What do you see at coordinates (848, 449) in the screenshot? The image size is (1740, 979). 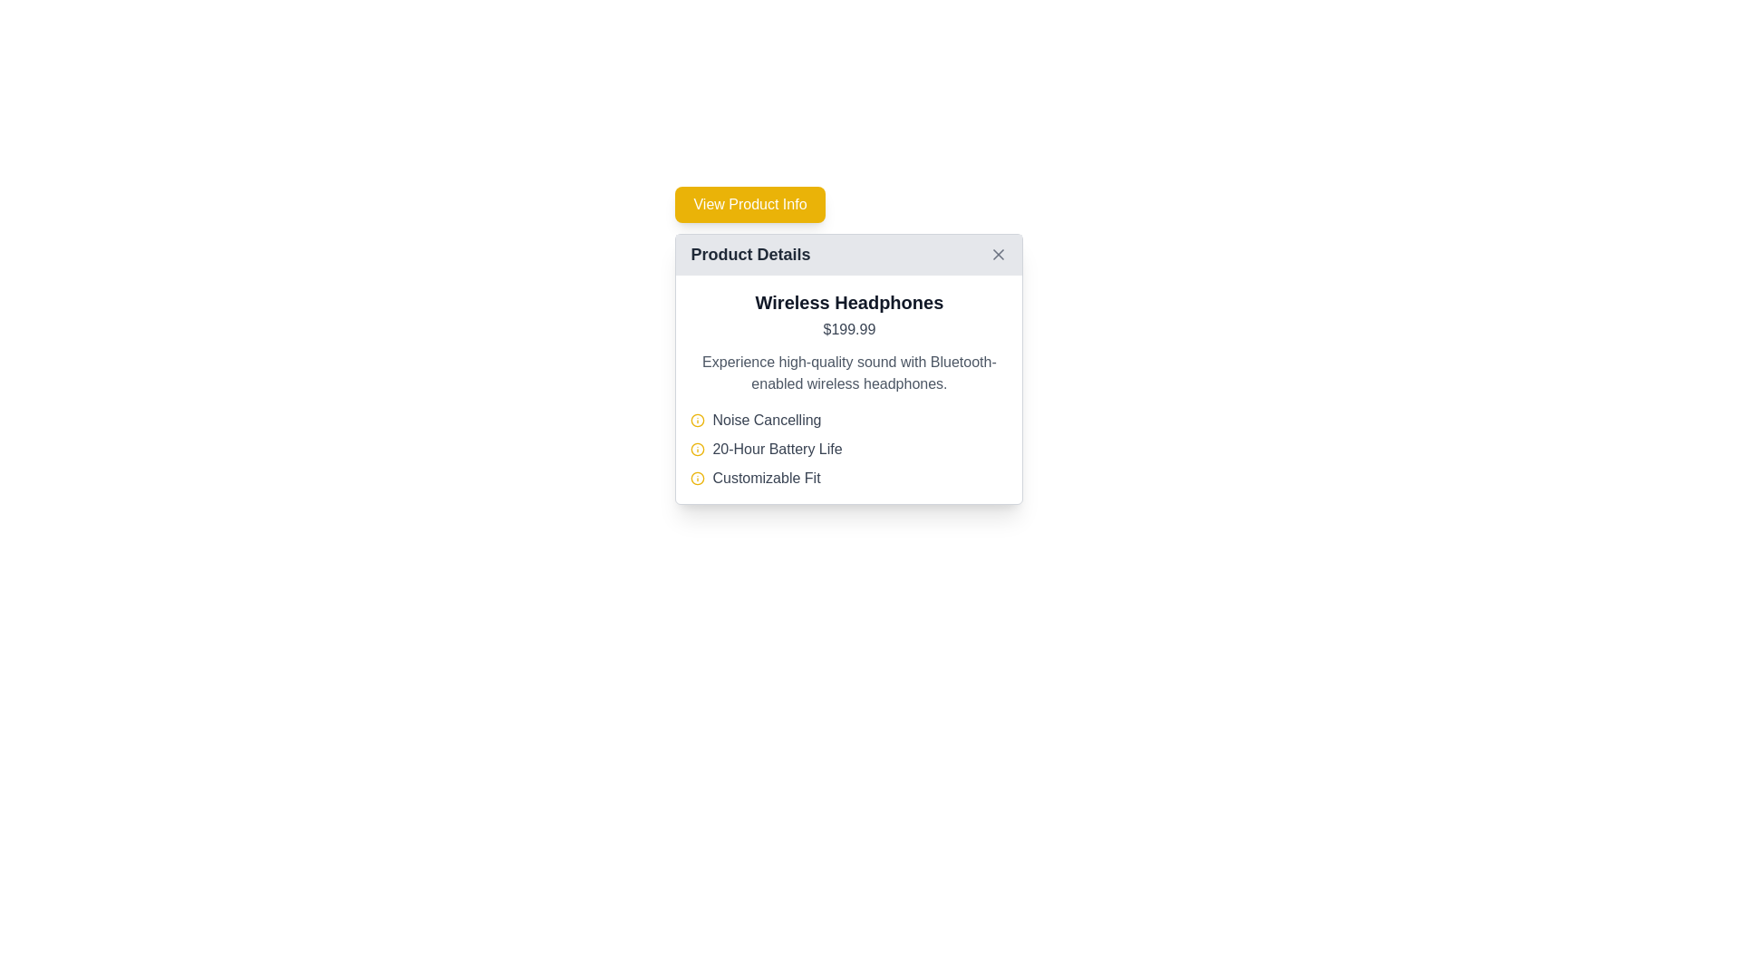 I see `listed features displayed in the product details panel for 'Wireless Headphones', located at the bottom of the panel with associated icons for each feature` at bounding box center [848, 449].